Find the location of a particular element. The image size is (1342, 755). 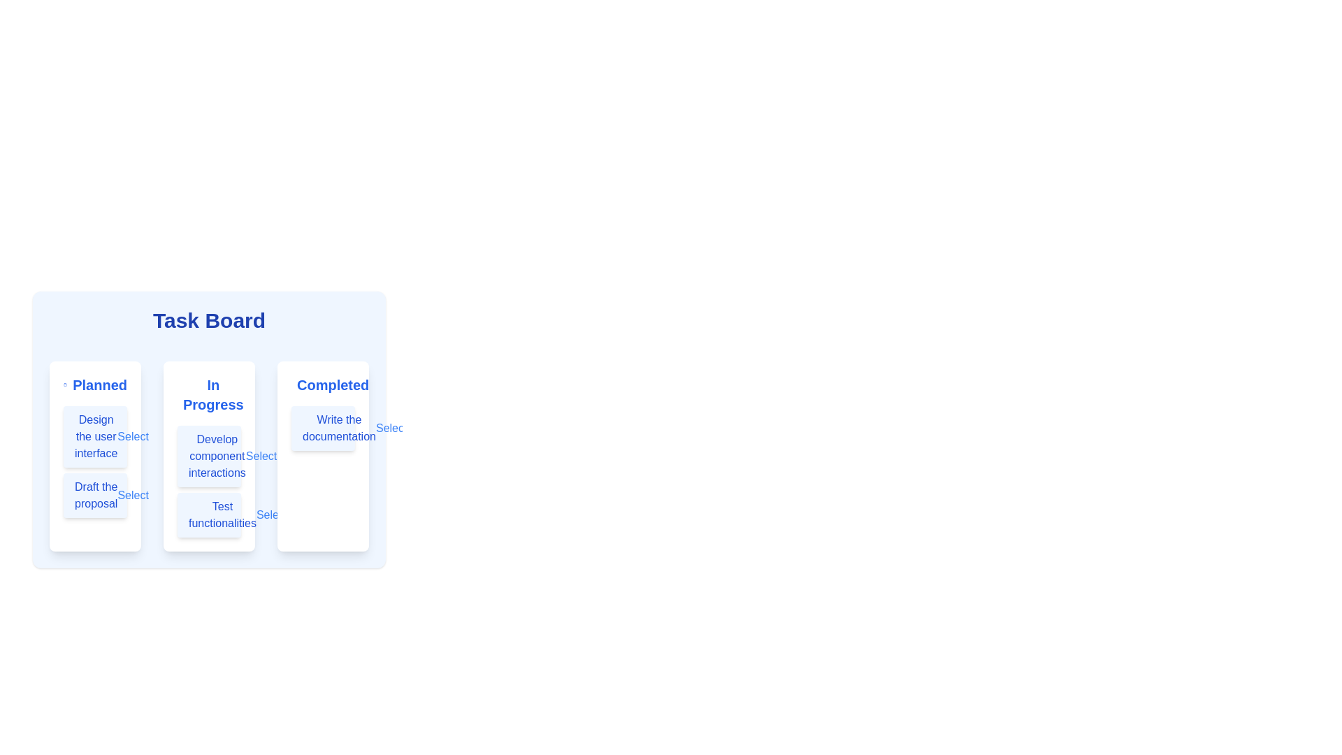

the Task card labeled 'Design the user interface' in the 'Planned' column is located at coordinates (94, 436).